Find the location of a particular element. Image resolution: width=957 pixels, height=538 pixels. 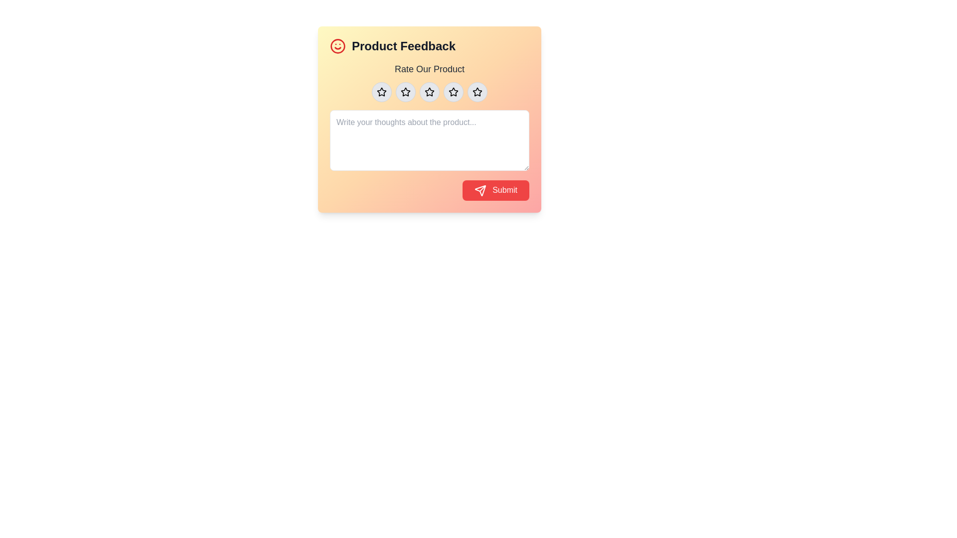

the first star-shaped icon in the row of five, located under the 'Rate Our Product' label is located at coordinates (381, 92).